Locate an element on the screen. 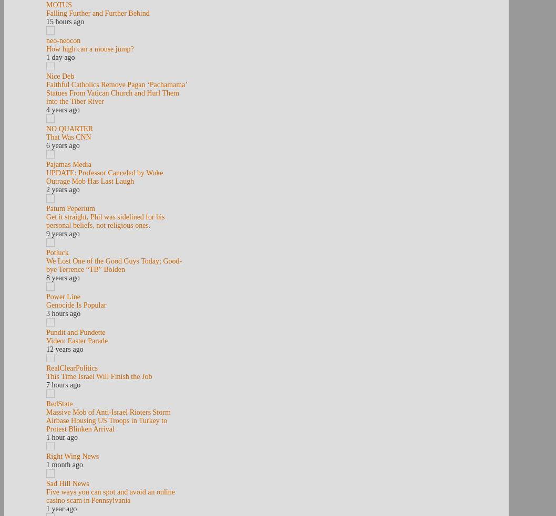 This screenshot has width=556, height=516. 'NO QUARTER' is located at coordinates (69, 129).